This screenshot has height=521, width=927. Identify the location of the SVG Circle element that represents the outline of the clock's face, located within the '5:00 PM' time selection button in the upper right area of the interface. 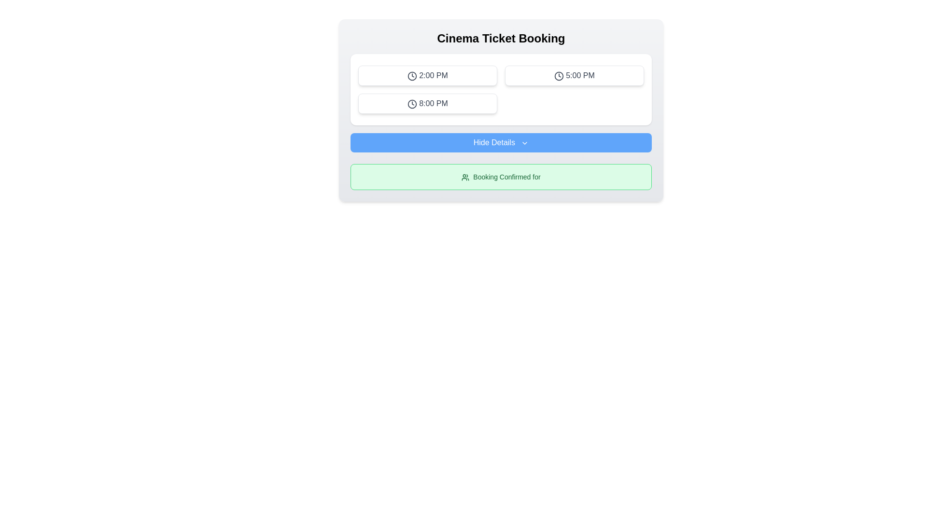
(559, 75).